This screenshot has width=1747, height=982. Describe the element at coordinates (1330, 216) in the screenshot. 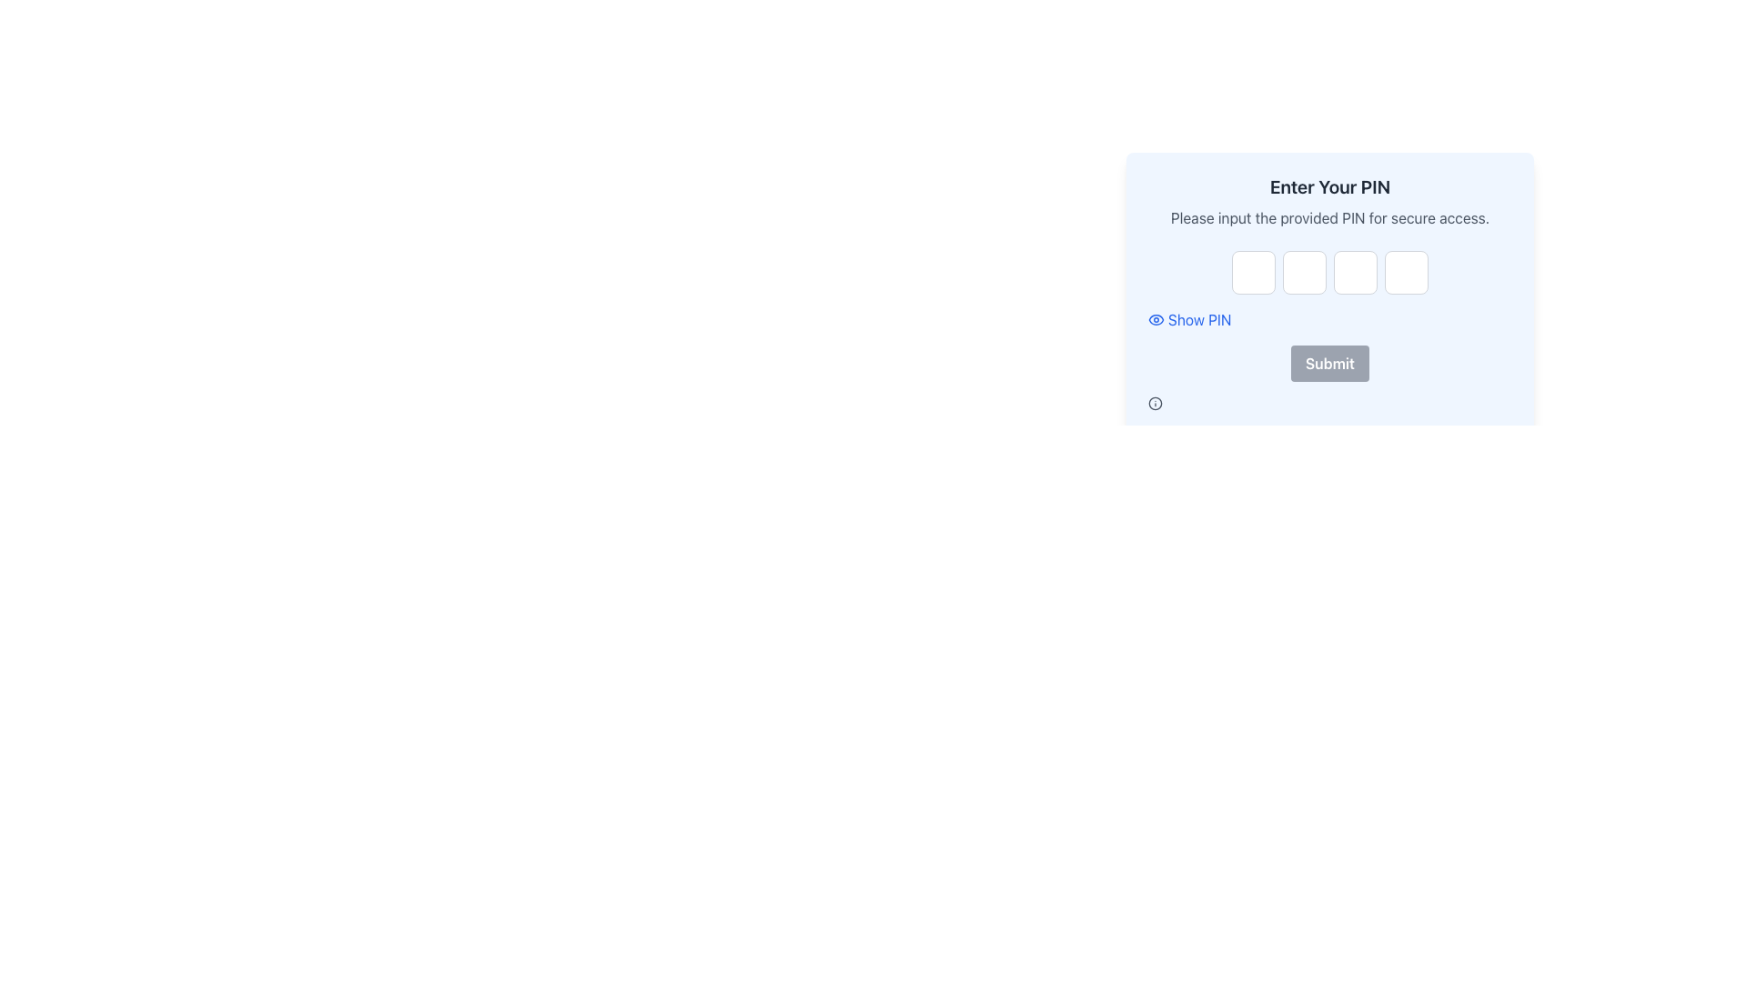

I see `text instruction from the Text Label that says 'Please input the provided PIN for secure access.' This label is styled with gray text and is located beneath the heading 'Enter Your PIN'` at that location.